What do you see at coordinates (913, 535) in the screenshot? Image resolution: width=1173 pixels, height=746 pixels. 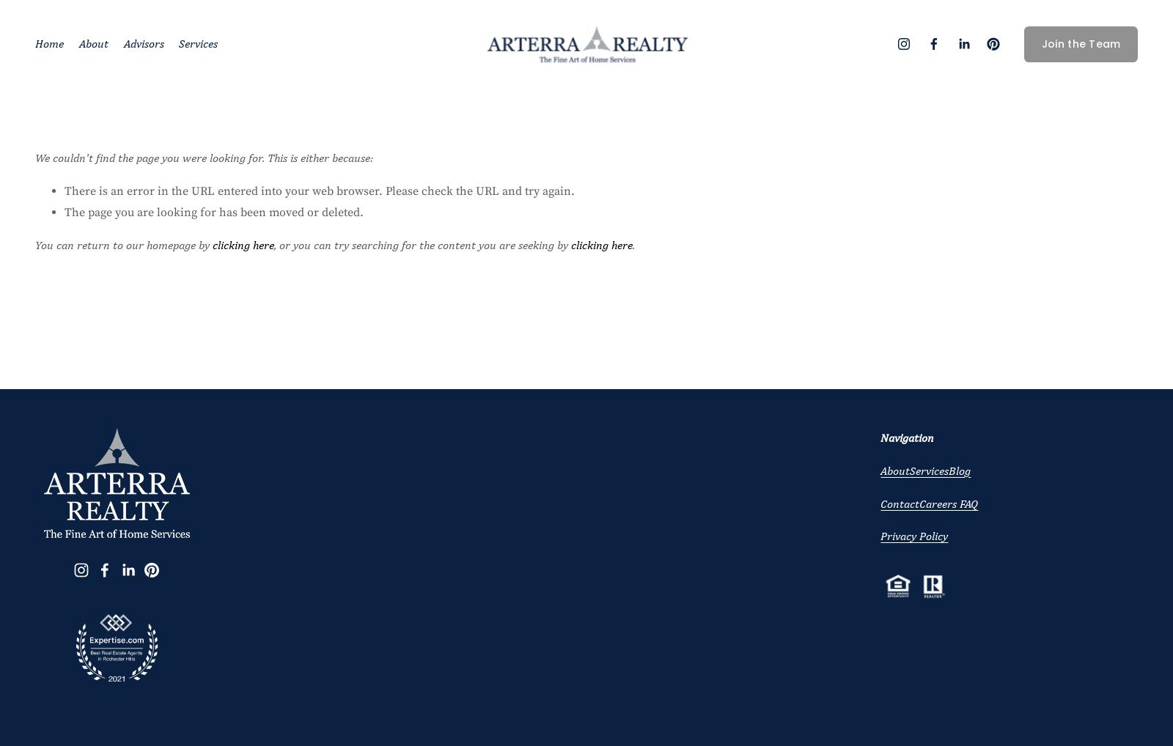 I see `'Privacy Policy'` at bounding box center [913, 535].